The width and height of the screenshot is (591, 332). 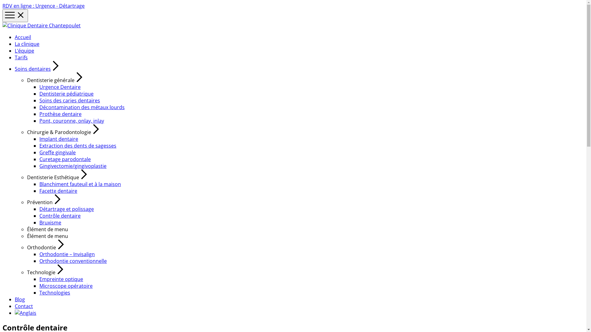 I want to click on 'Soins dentaires', so click(x=37, y=69).